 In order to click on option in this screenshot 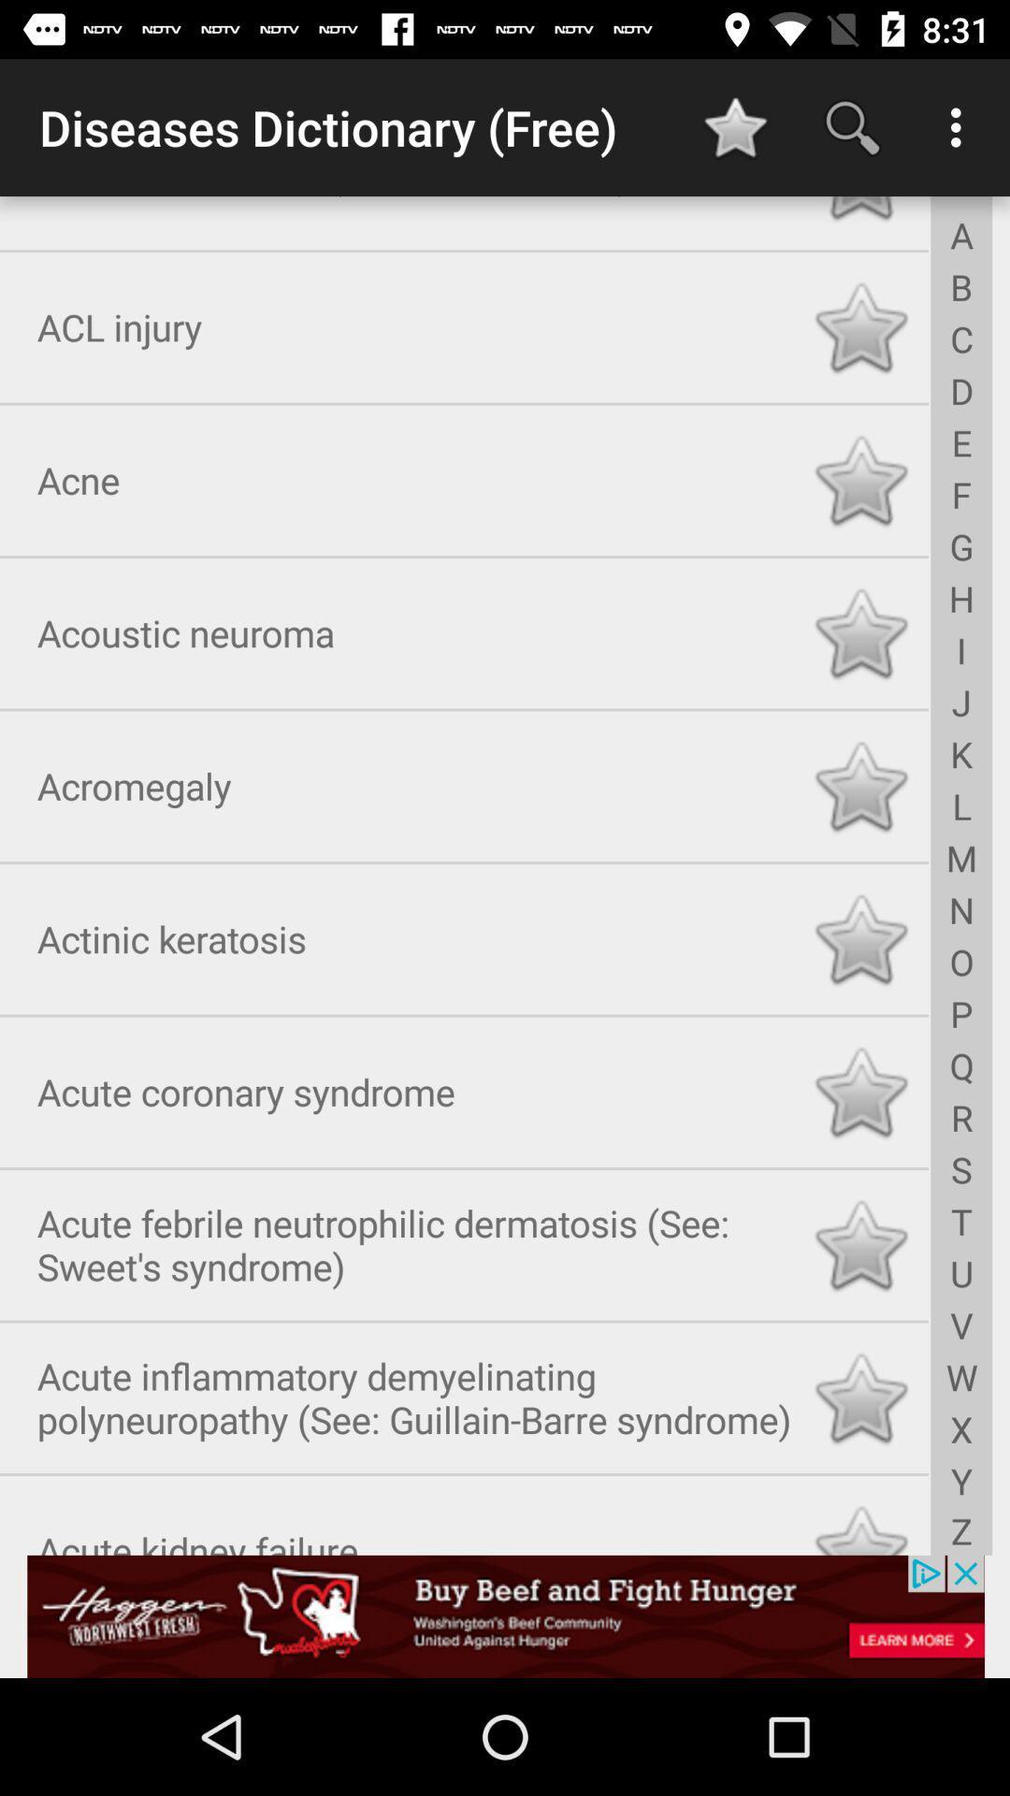, I will do `click(860, 1088)`.